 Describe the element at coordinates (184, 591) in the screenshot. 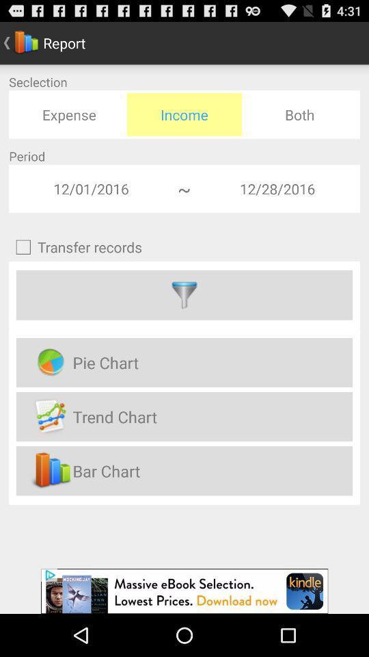

I see `details about advertisement` at that location.